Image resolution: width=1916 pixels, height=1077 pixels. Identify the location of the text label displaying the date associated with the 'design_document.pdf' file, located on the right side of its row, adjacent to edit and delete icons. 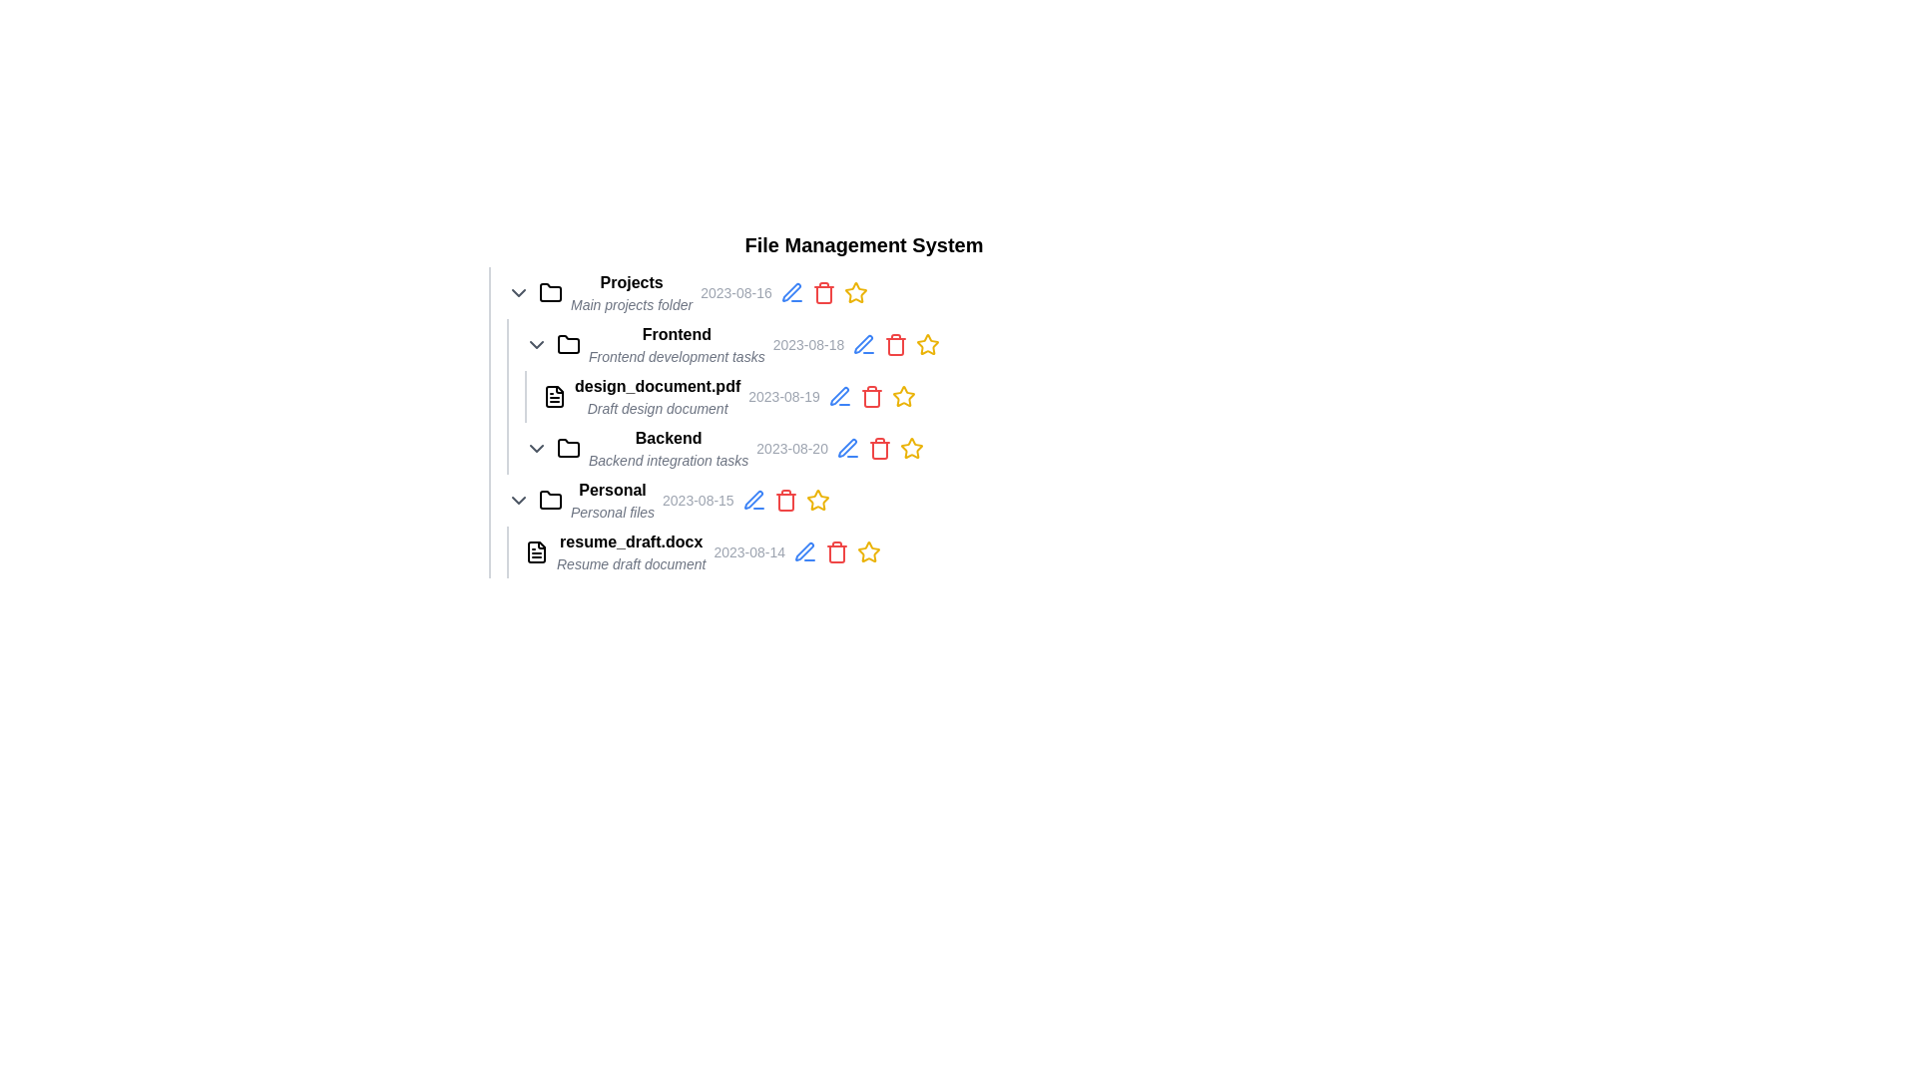
(783, 396).